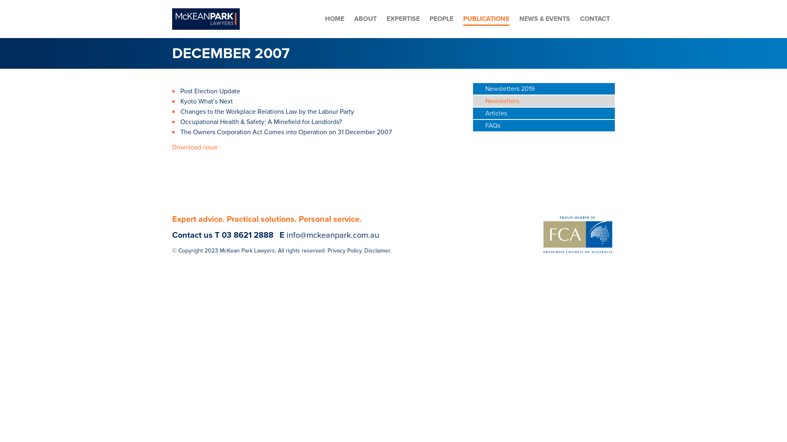 The image size is (787, 442). Describe the element at coordinates (441, 18) in the screenshot. I see `'PEOPLE'` at that location.